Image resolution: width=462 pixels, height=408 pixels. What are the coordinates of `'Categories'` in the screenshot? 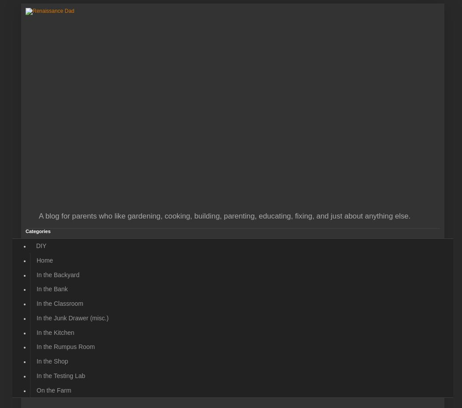 It's located at (38, 230).